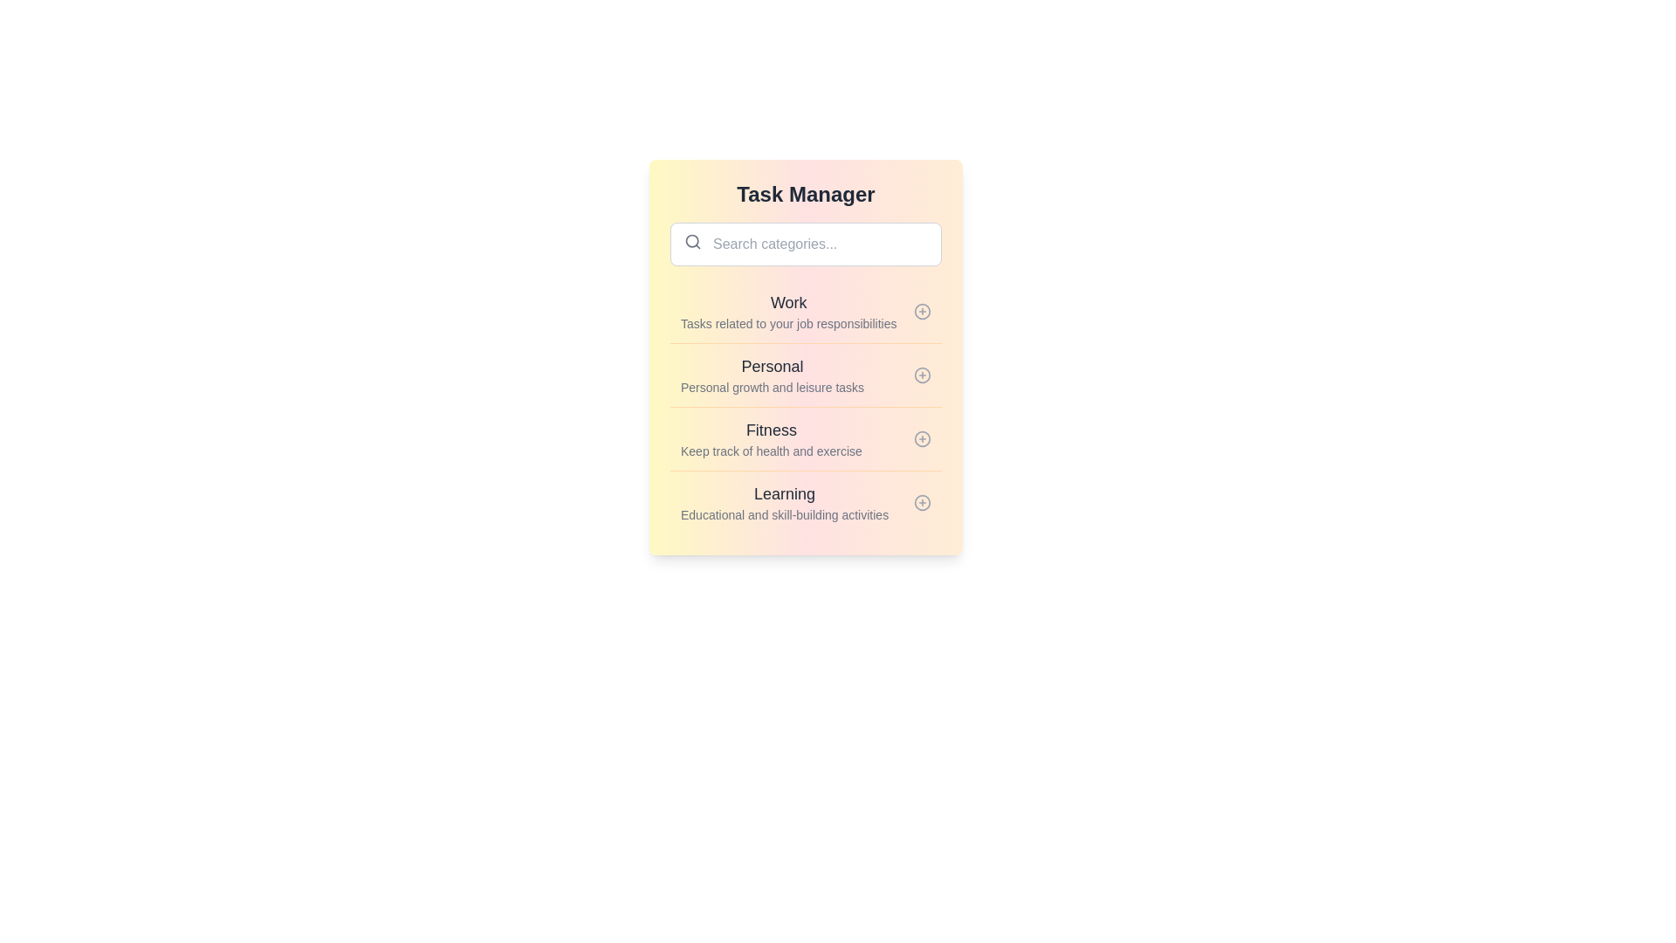 This screenshot has height=943, width=1676. What do you see at coordinates (770, 450) in the screenshot?
I see `the text label reading 'Keep track of health and exercise', which is located beneath the 'Fitness' title in the structured list` at bounding box center [770, 450].